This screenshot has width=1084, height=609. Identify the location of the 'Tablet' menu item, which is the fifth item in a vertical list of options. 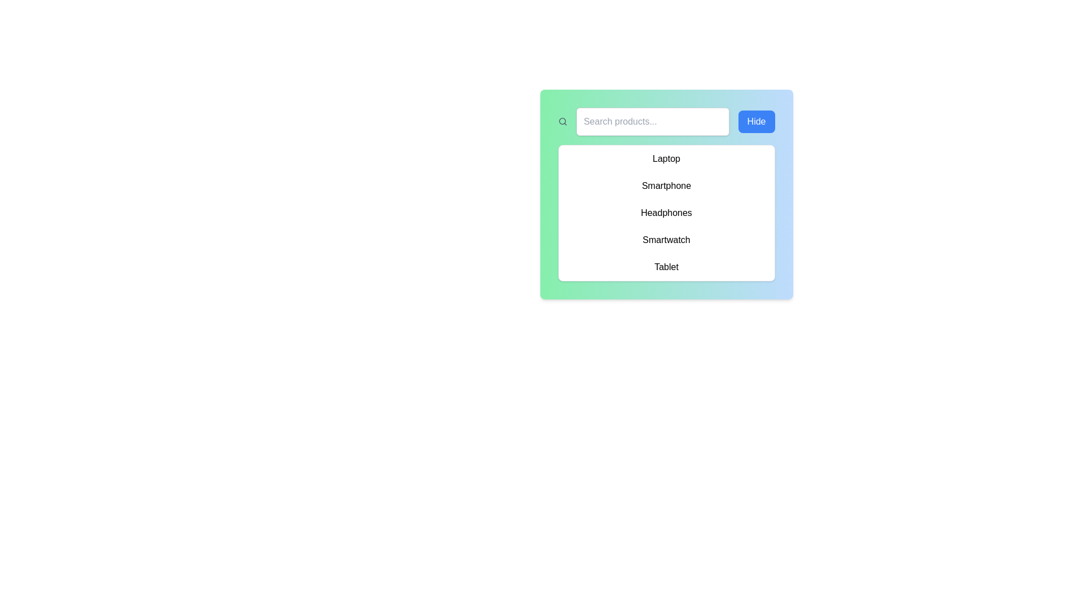
(666, 267).